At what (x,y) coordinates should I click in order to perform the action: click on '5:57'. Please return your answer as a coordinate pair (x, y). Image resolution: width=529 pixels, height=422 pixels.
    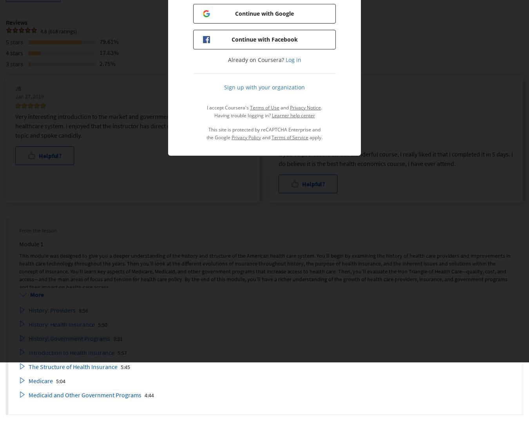
    Looking at the image, I should click on (121, 352).